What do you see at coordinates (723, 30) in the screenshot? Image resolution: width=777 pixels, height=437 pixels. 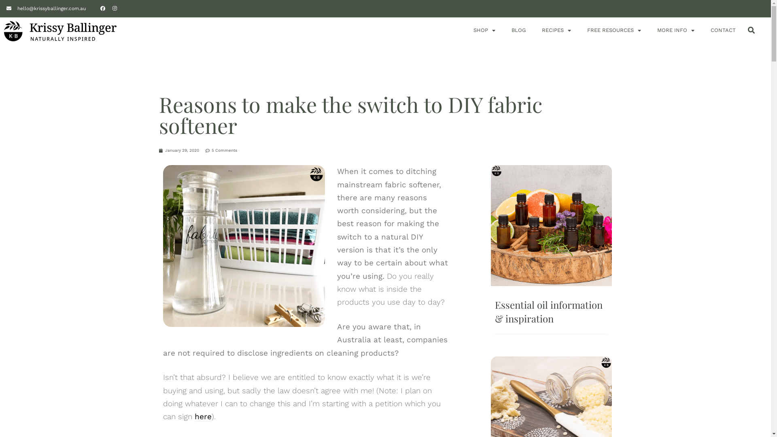 I see `'CONTACT'` at bounding box center [723, 30].